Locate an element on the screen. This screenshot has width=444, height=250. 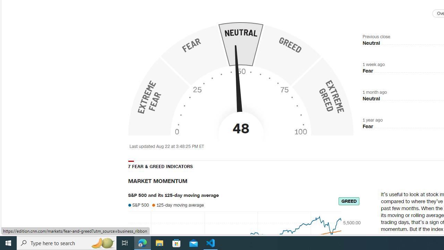
'Fear & Greed Index - Investor Sentiment ' is located at coordinates (241, 79).